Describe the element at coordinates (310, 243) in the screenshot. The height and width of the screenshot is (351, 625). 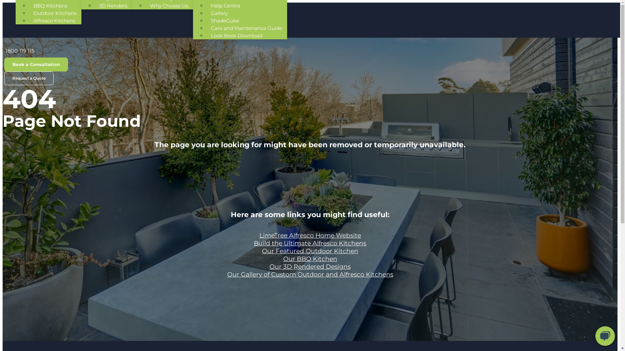
I see `'Build the Ultimate Alfresco Kitchens'` at that location.